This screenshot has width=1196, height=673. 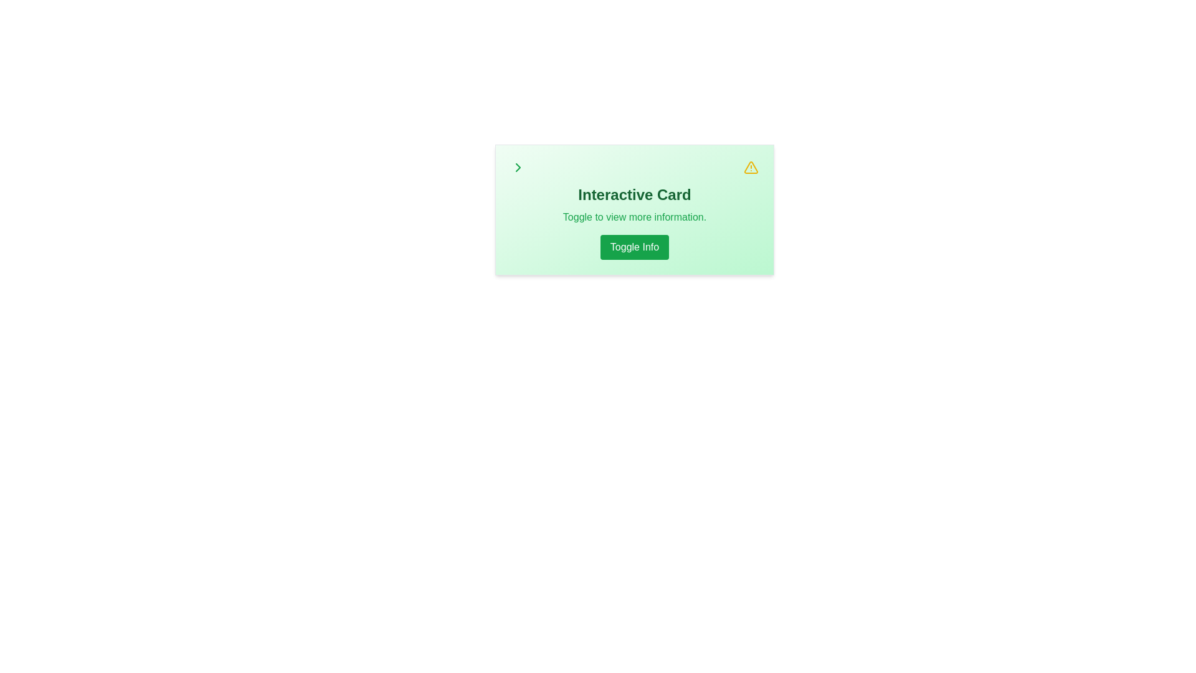 I want to click on the 'Toggle Info' button, which is a rectangular button with rounded edges, green background, and white text, located below the text 'Toggle, so click(x=634, y=247).